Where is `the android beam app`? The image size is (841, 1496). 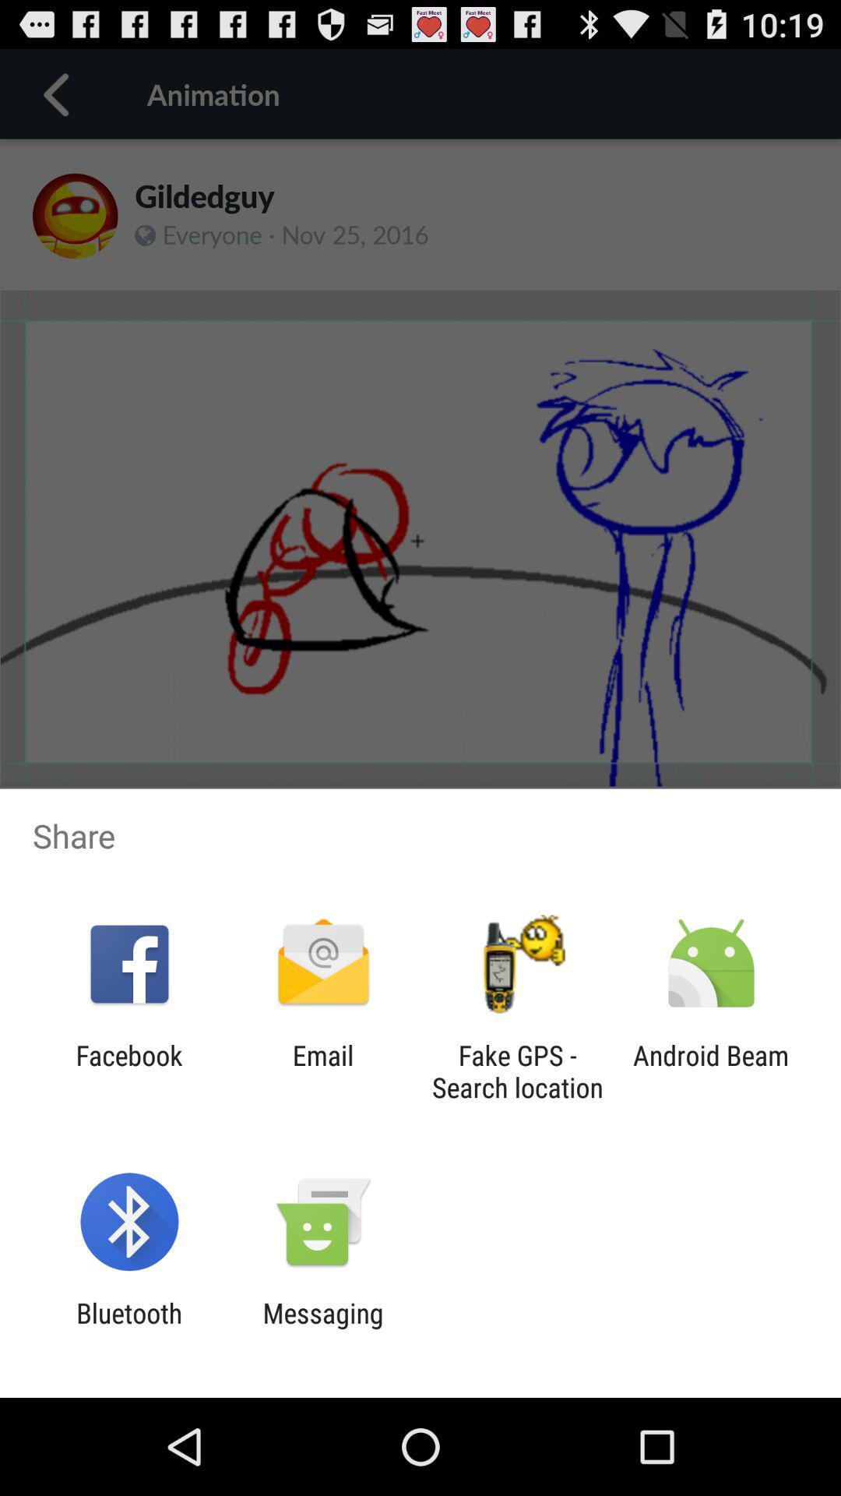 the android beam app is located at coordinates (711, 1071).